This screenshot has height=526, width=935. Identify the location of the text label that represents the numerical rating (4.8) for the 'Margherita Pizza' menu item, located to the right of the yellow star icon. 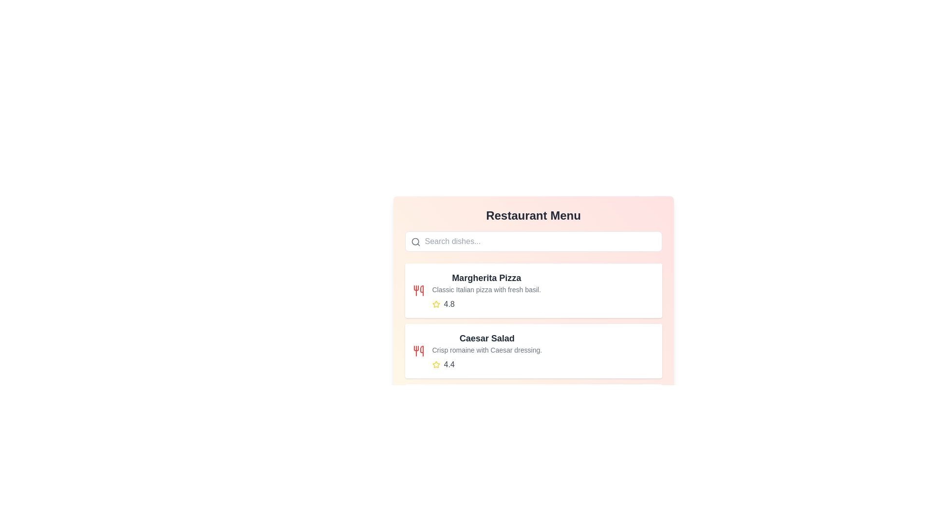
(449, 303).